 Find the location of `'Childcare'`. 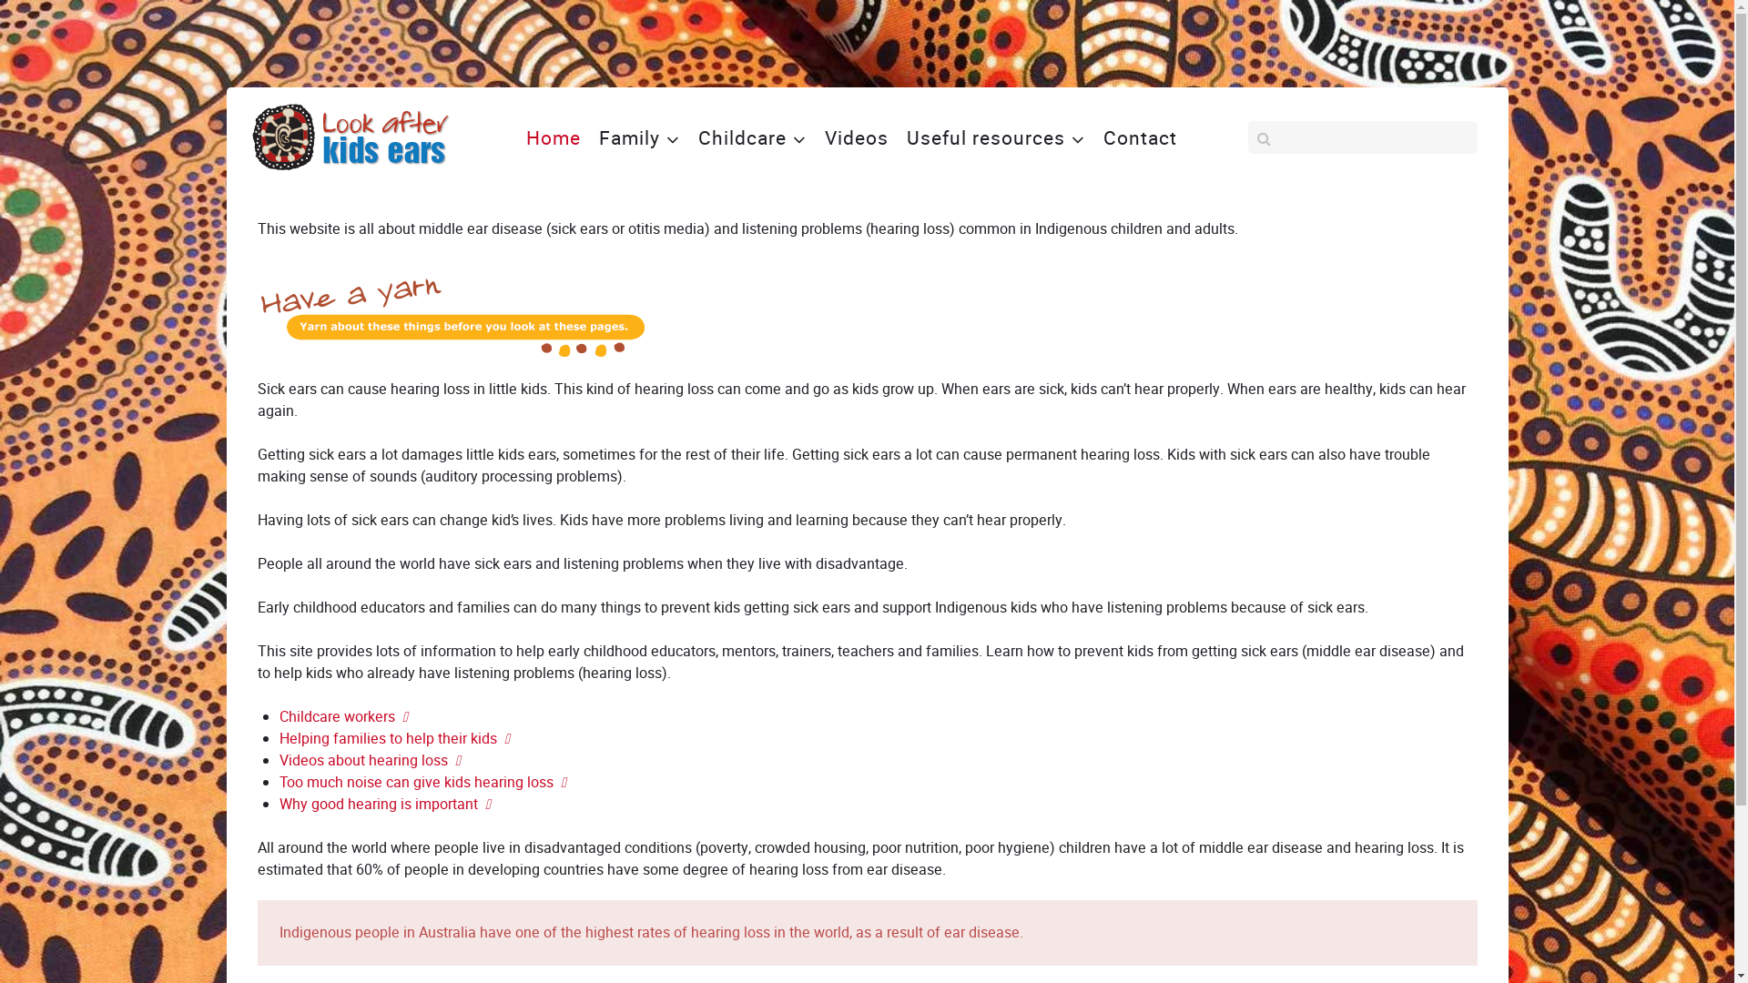

'Childcare' is located at coordinates (751, 136).